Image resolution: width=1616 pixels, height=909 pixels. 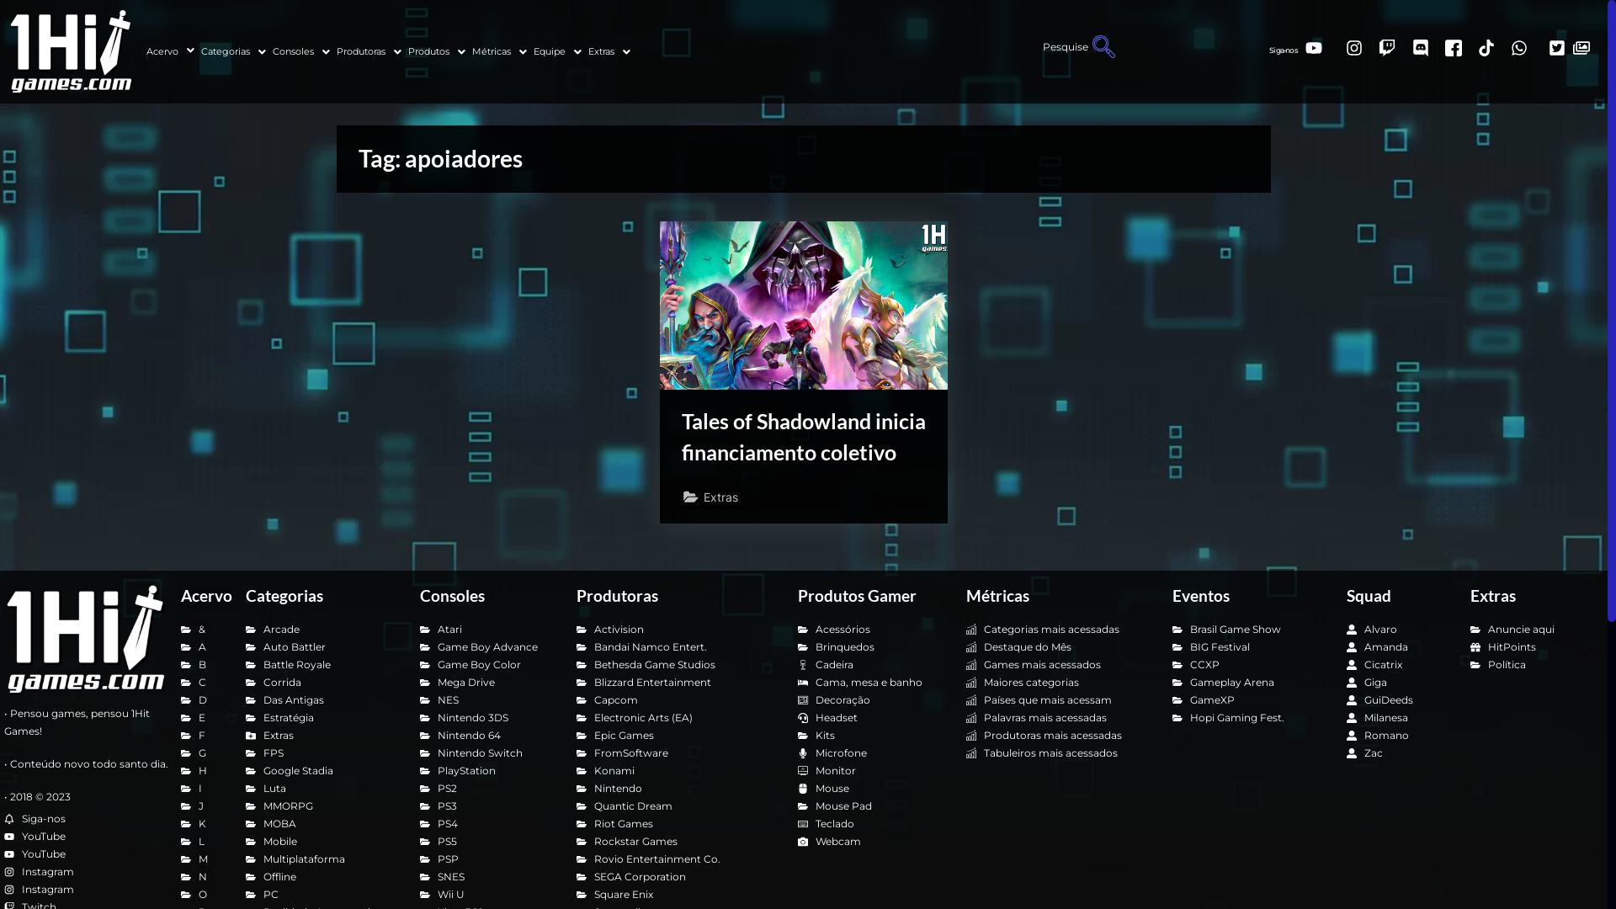 I want to click on 'Nintendo 3DS', so click(x=488, y=717).